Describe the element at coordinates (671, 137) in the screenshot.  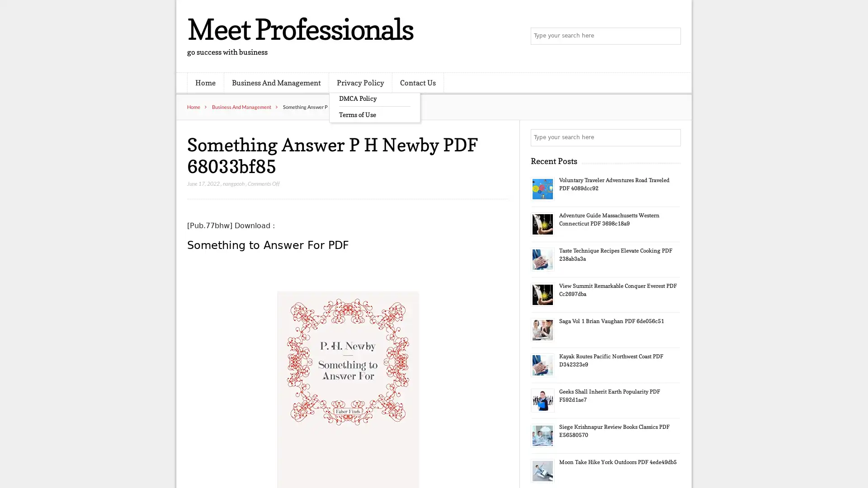
I see `Search` at that location.